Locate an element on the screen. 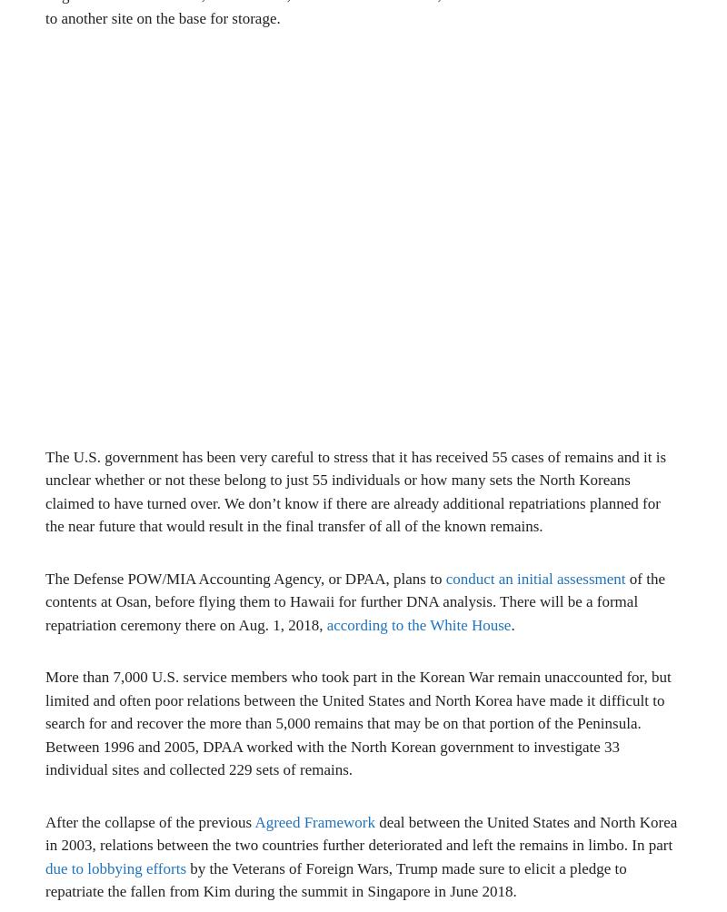 Image resolution: width=727 pixels, height=912 pixels. 'deal between the United States and North Korea in 2003, relations between the two countries further deteriorated and left the remains in limbo. In part' is located at coordinates (360, 832).